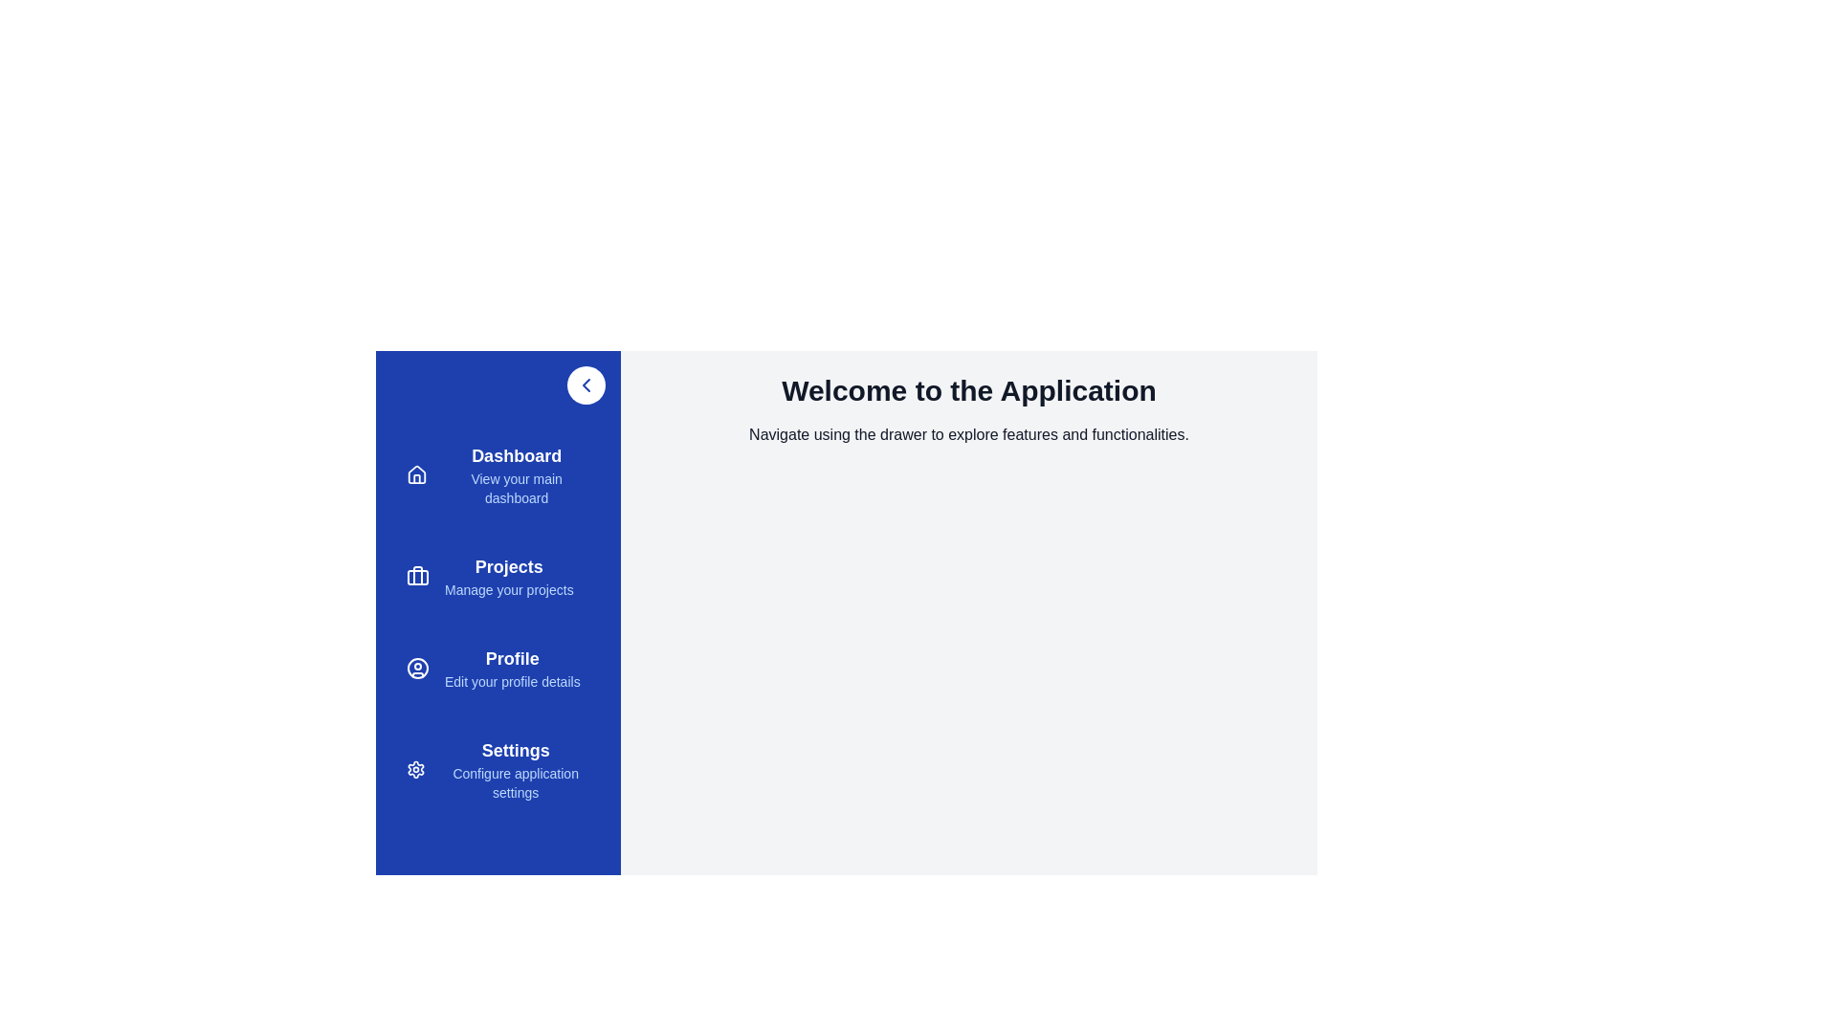  I want to click on the menu item Settings from the sidebar, so click(498, 769).